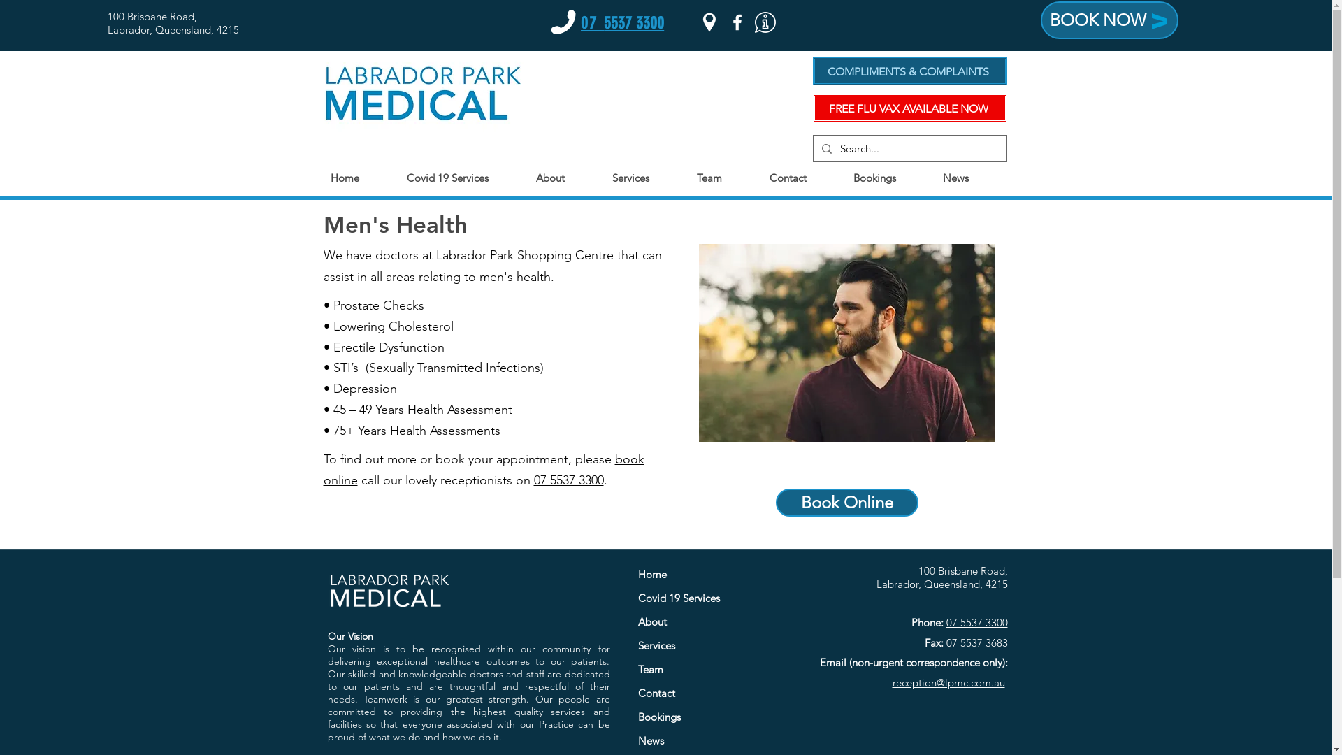 This screenshot has height=755, width=1342. I want to click on '07 5537 3300', so click(976, 621).